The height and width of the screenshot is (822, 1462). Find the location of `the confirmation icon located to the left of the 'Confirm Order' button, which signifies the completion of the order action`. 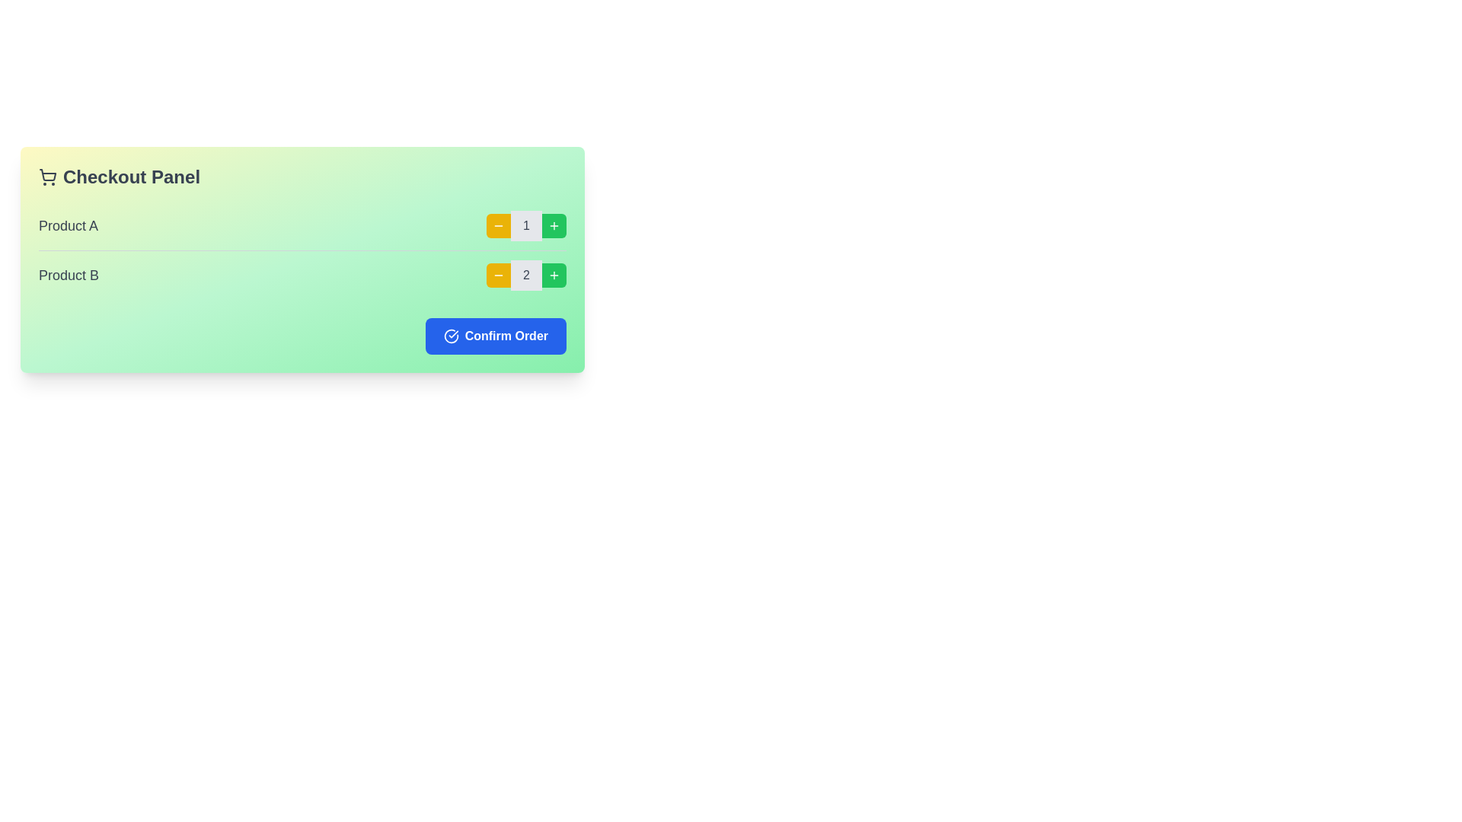

the confirmation icon located to the left of the 'Confirm Order' button, which signifies the completion of the order action is located at coordinates (450, 336).